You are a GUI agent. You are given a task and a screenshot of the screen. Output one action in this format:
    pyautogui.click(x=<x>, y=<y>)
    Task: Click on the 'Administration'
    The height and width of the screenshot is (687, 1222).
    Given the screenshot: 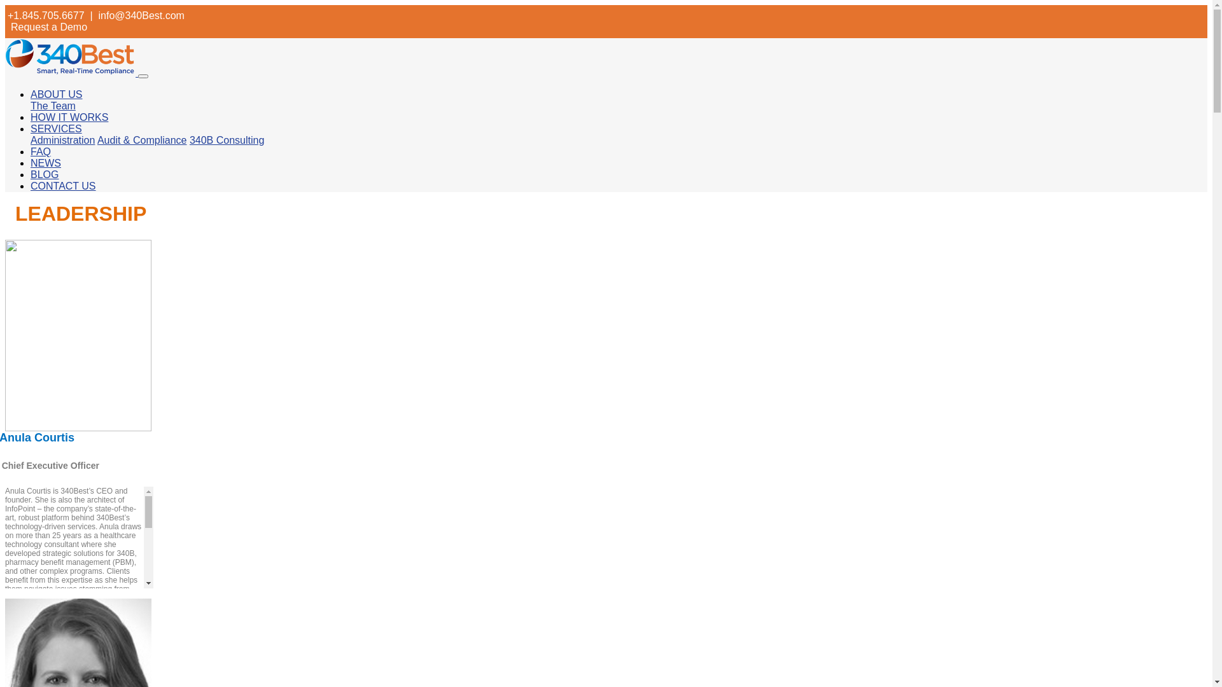 What is the action you would take?
    pyautogui.click(x=62, y=140)
    